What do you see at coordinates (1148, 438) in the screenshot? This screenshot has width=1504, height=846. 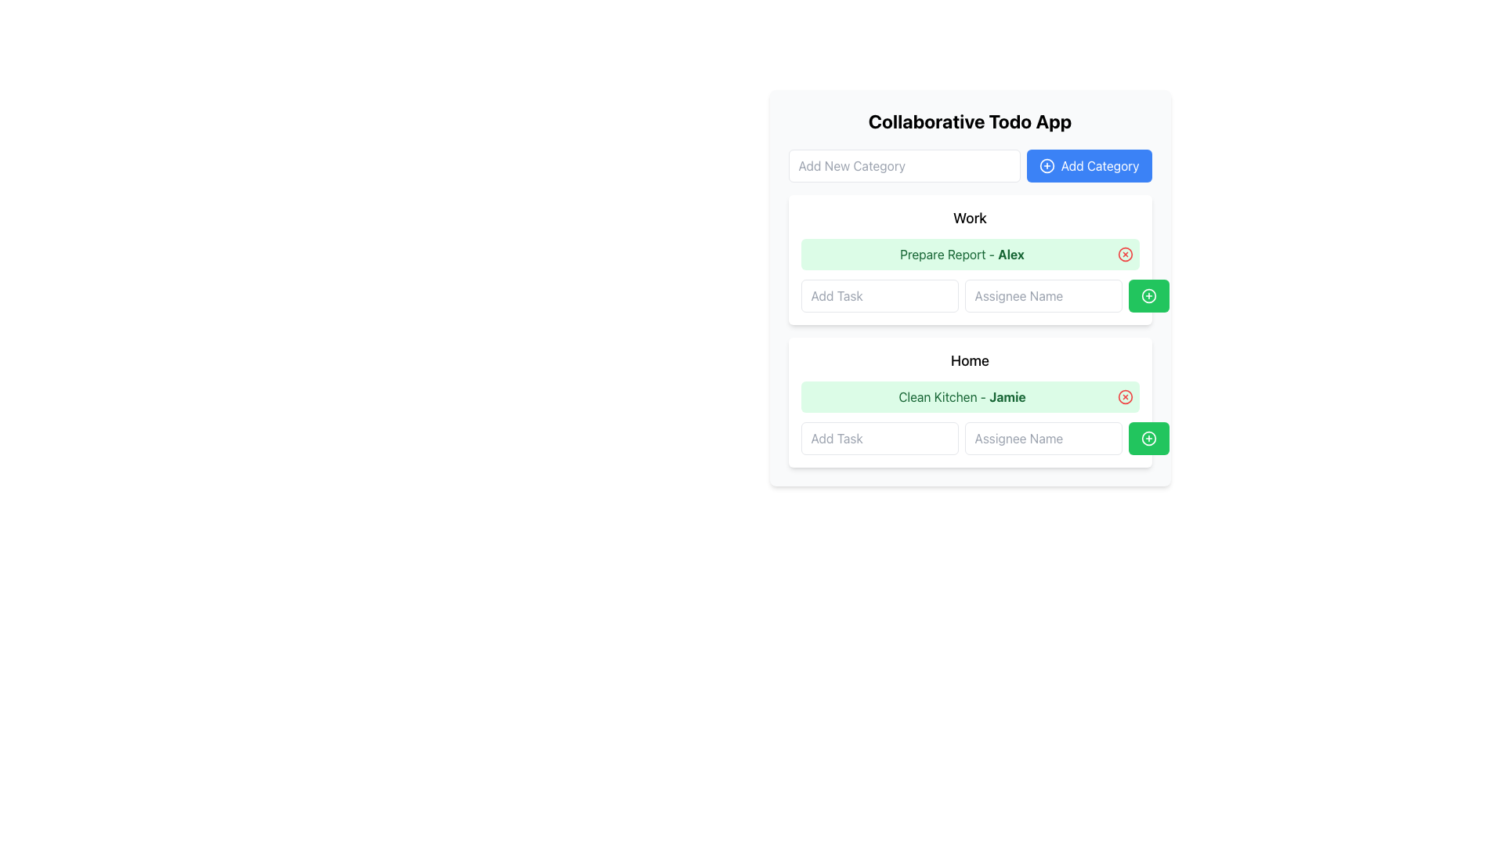 I see `the green circular button with a white plus sign that is located next to the 'Add Task' and 'Assignee Name' text input fields` at bounding box center [1148, 438].